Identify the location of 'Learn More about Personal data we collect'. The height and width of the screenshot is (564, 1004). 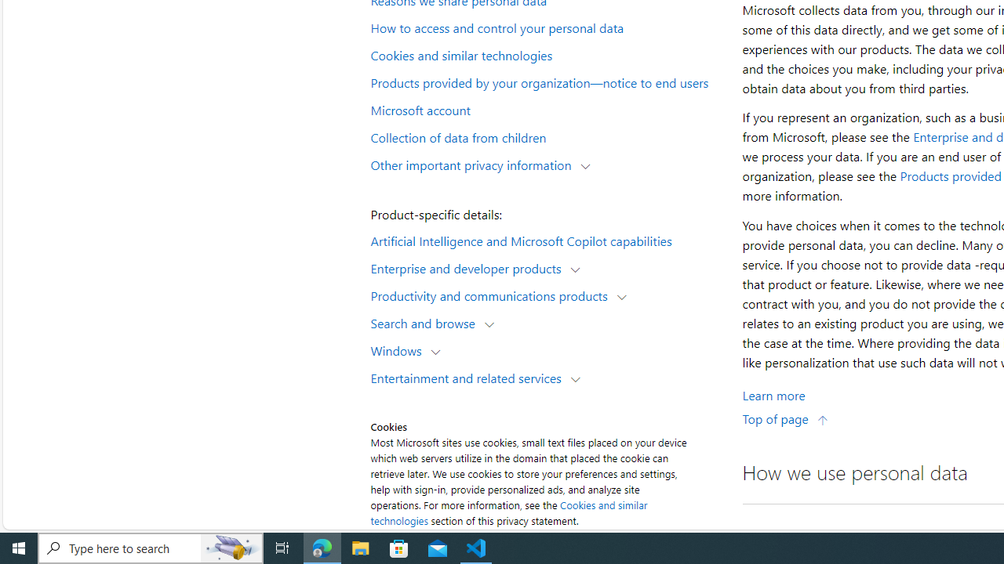
(773, 394).